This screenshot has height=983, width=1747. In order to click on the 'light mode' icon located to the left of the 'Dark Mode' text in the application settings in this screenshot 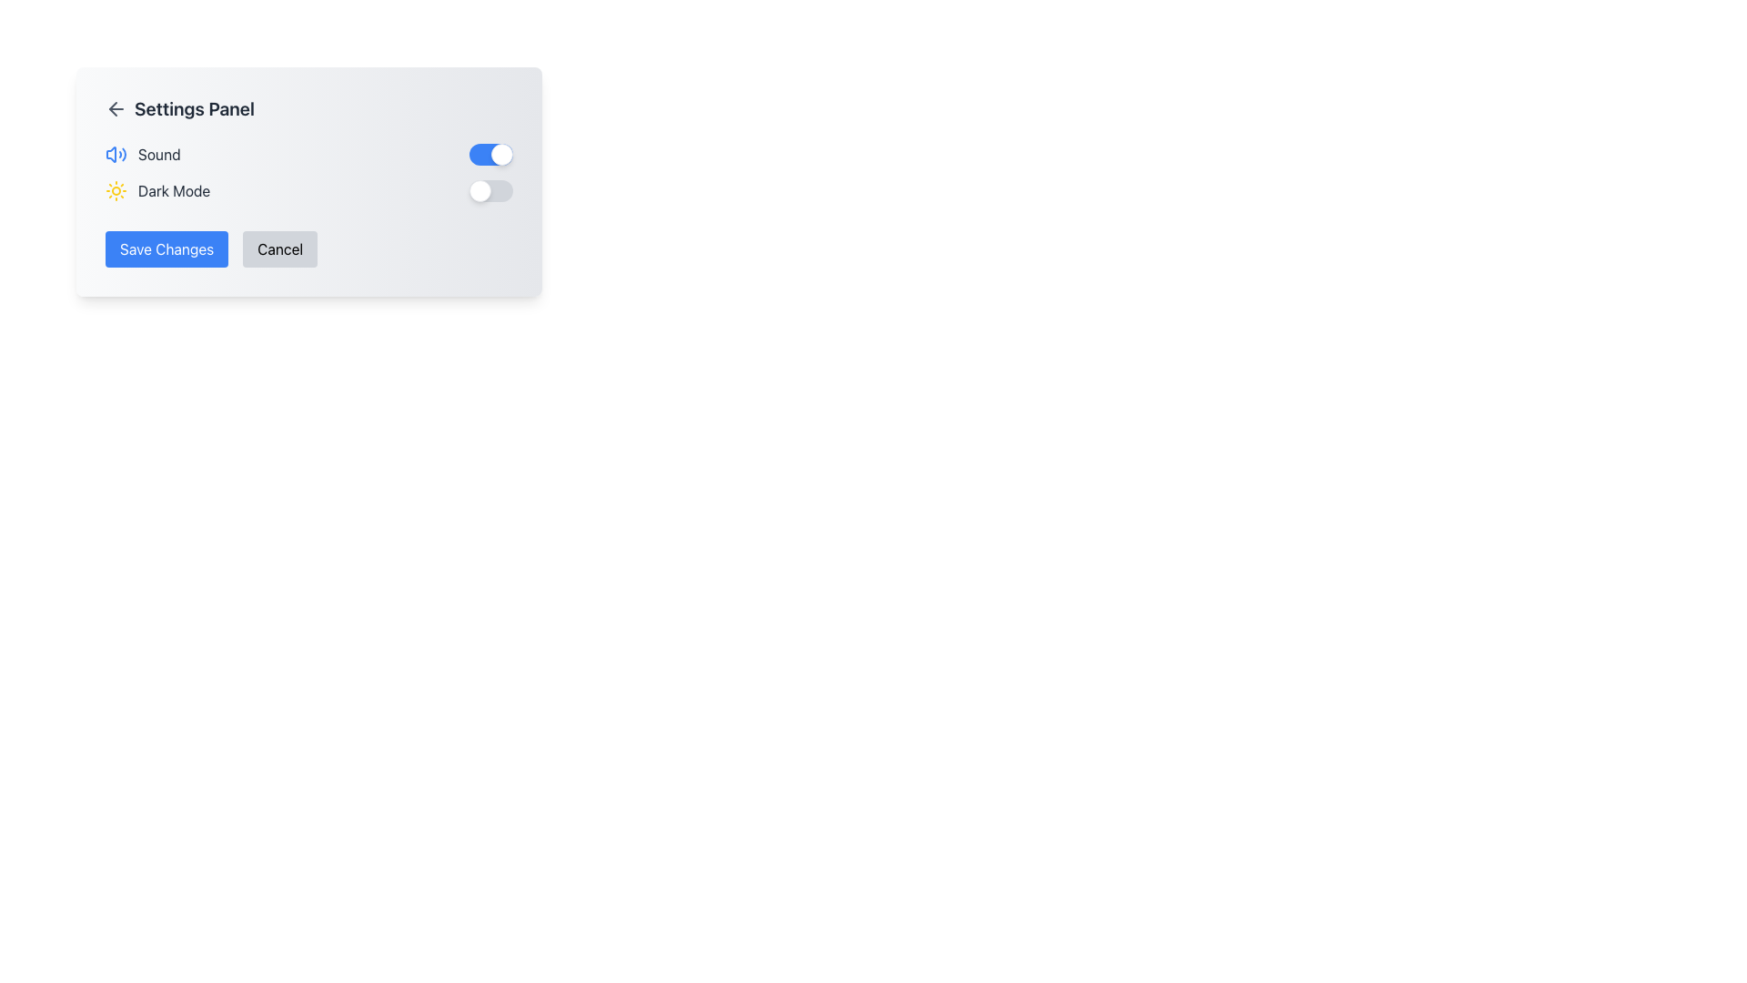, I will do `click(116, 190)`.